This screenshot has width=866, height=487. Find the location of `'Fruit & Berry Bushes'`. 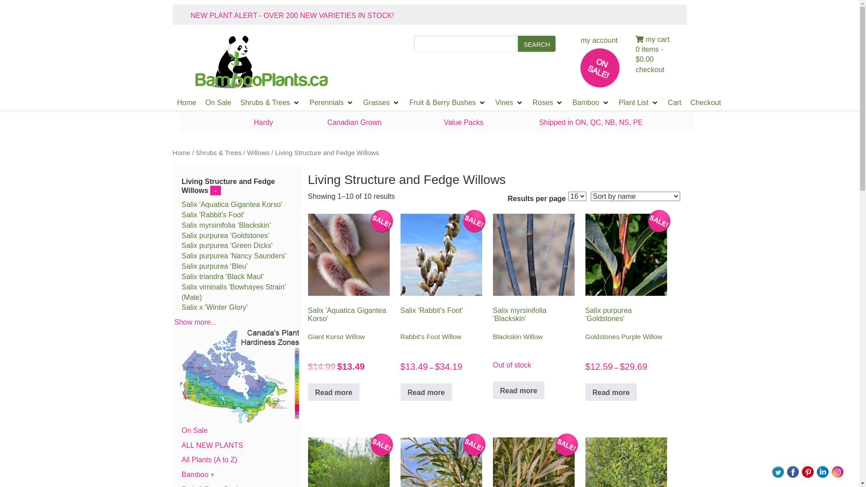

'Fruit & Berry Bushes' is located at coordinates (442, 102).